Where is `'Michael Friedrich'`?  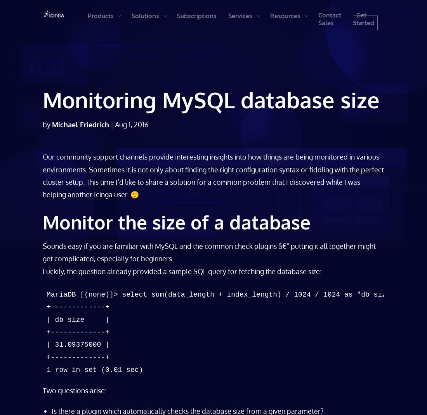
'Michael Friedrich' is located at coordinates (80, 124).